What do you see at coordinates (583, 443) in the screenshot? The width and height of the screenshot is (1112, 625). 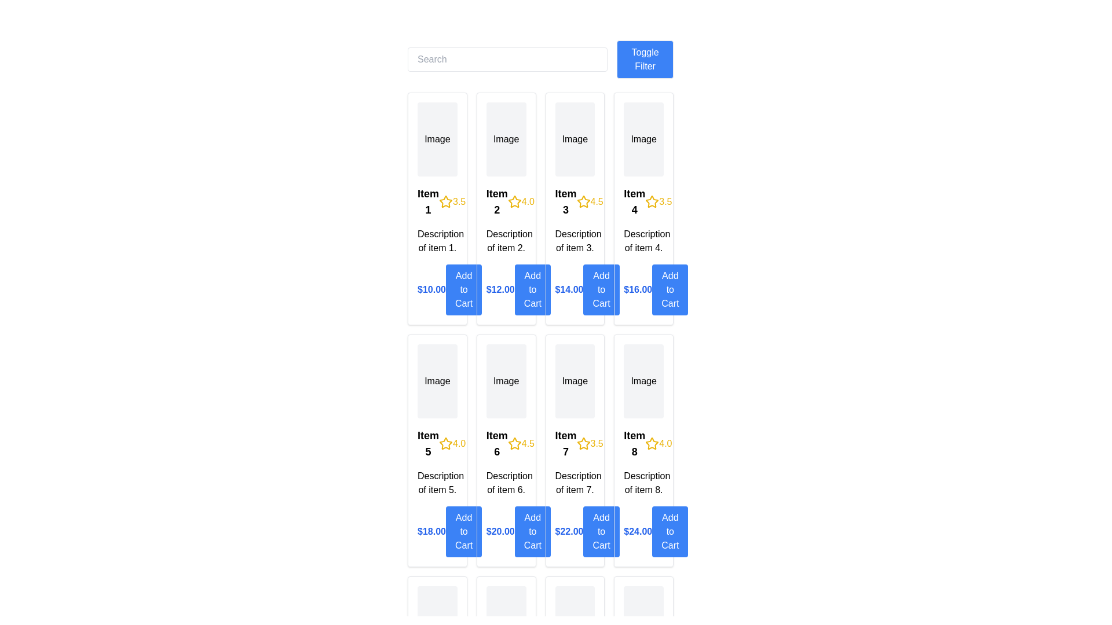 I see `the fourth yellow star icon in the 5-star rating system for 'Item 7', which is located next to the rating value '3.5'` at bounding box center [583, 443].